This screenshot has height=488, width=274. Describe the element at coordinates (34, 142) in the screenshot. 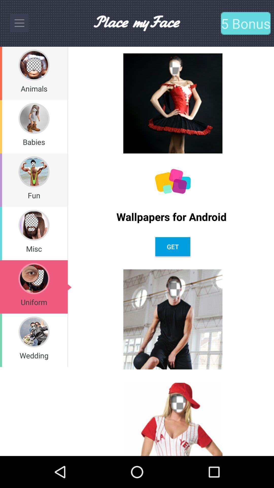

I see `babies icon` at that location.